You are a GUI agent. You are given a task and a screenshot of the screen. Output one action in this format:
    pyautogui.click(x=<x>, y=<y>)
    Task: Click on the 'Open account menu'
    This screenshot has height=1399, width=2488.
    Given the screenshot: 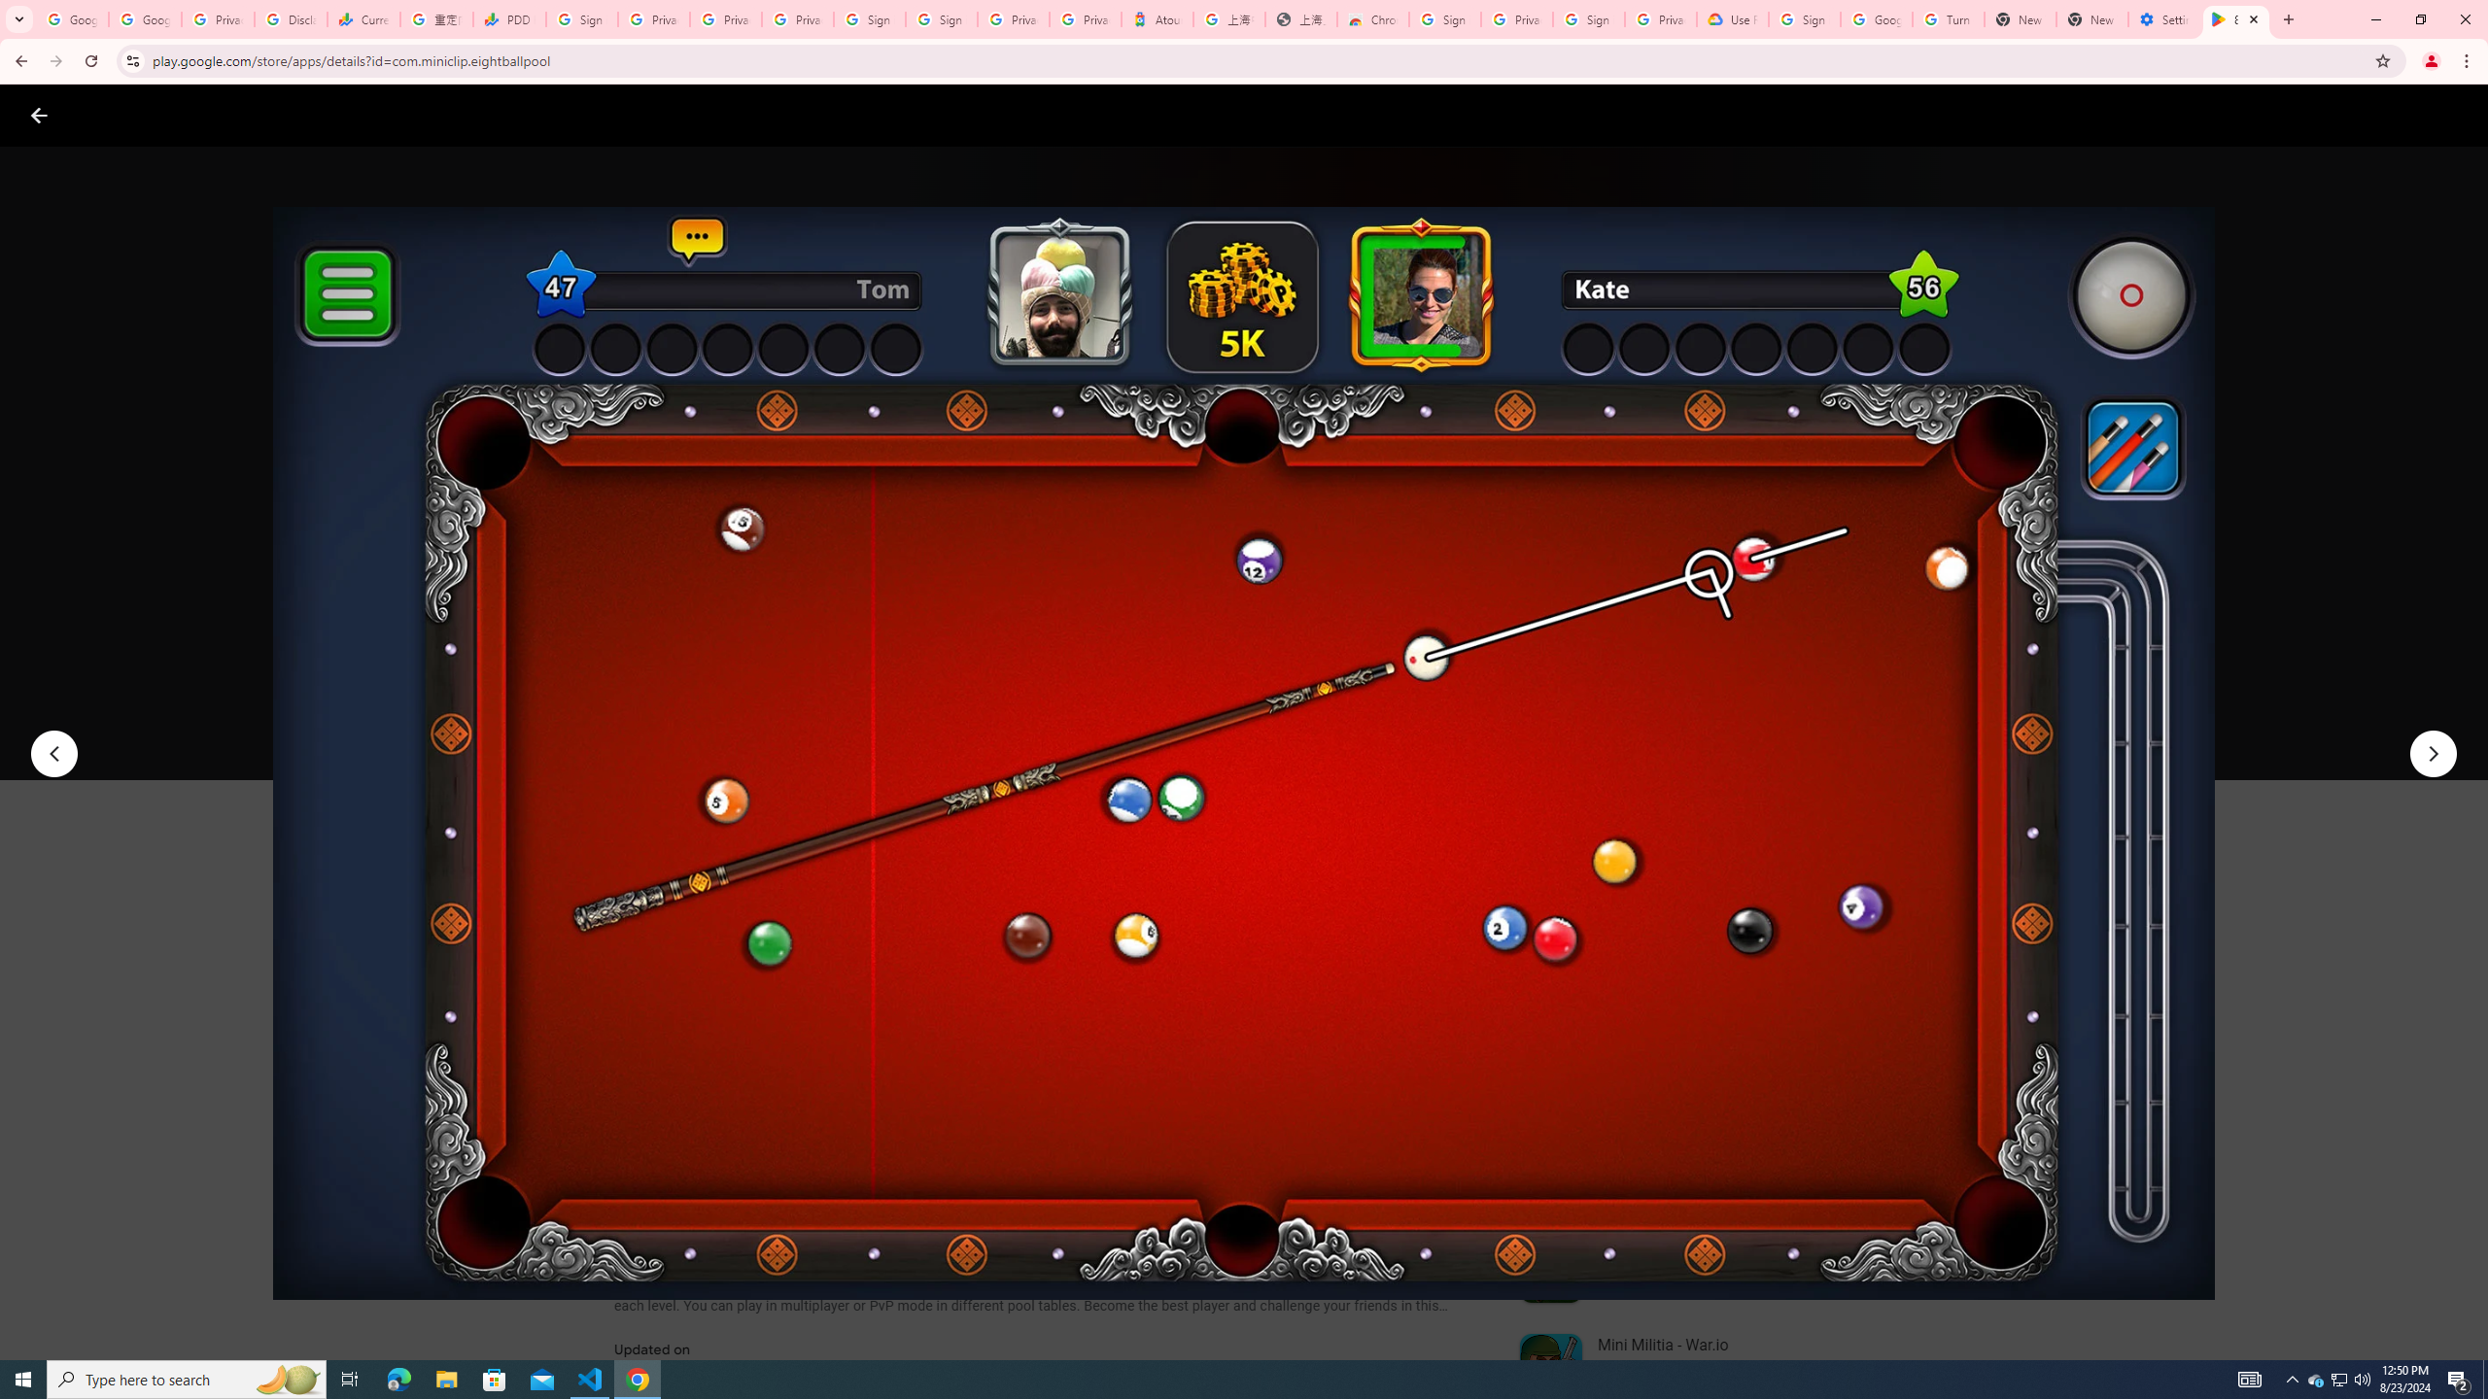 What is the action you would take?
    pyautogui.click(x=2453, y=115)
    